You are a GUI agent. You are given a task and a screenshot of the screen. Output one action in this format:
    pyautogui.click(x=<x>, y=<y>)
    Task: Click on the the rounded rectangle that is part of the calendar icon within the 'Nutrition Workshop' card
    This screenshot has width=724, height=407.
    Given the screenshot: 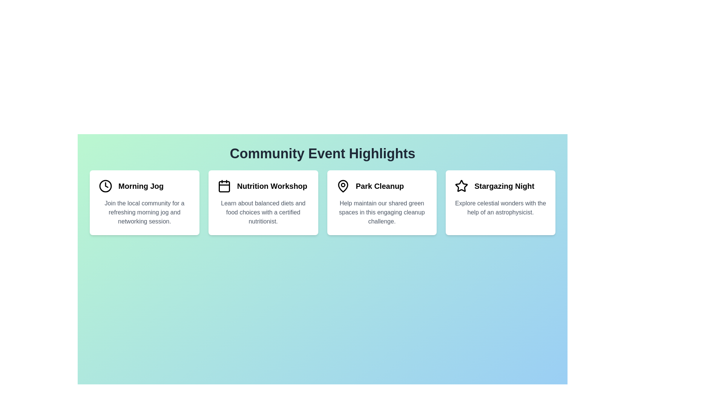 What is the action you would take?
    pyautogui.click(x=224, y=187)
    